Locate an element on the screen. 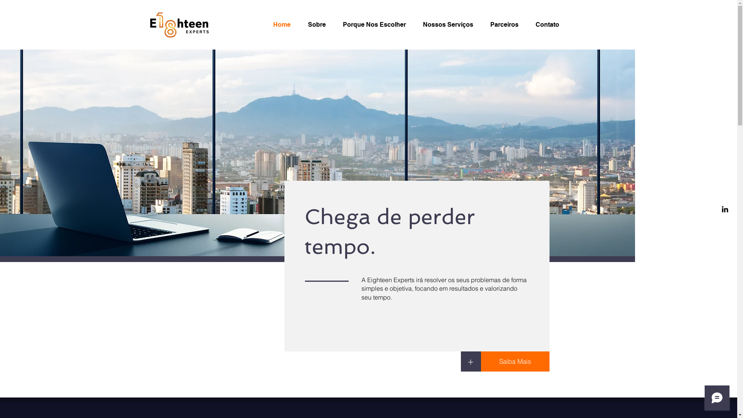 This screenshot has width=743, height=418. 'Sobre' is located at coordinates (319, 24).